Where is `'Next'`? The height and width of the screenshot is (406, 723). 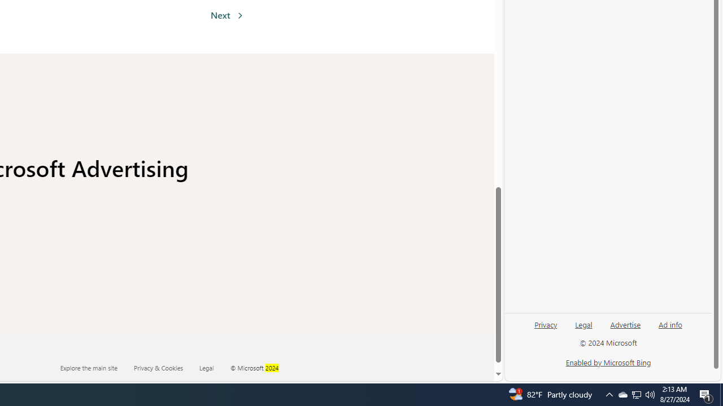
'Next' is located at coordinates (226, 15).